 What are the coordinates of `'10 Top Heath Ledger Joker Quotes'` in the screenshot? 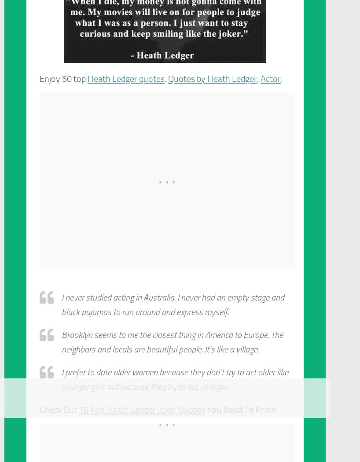 It's located at (141, 410).